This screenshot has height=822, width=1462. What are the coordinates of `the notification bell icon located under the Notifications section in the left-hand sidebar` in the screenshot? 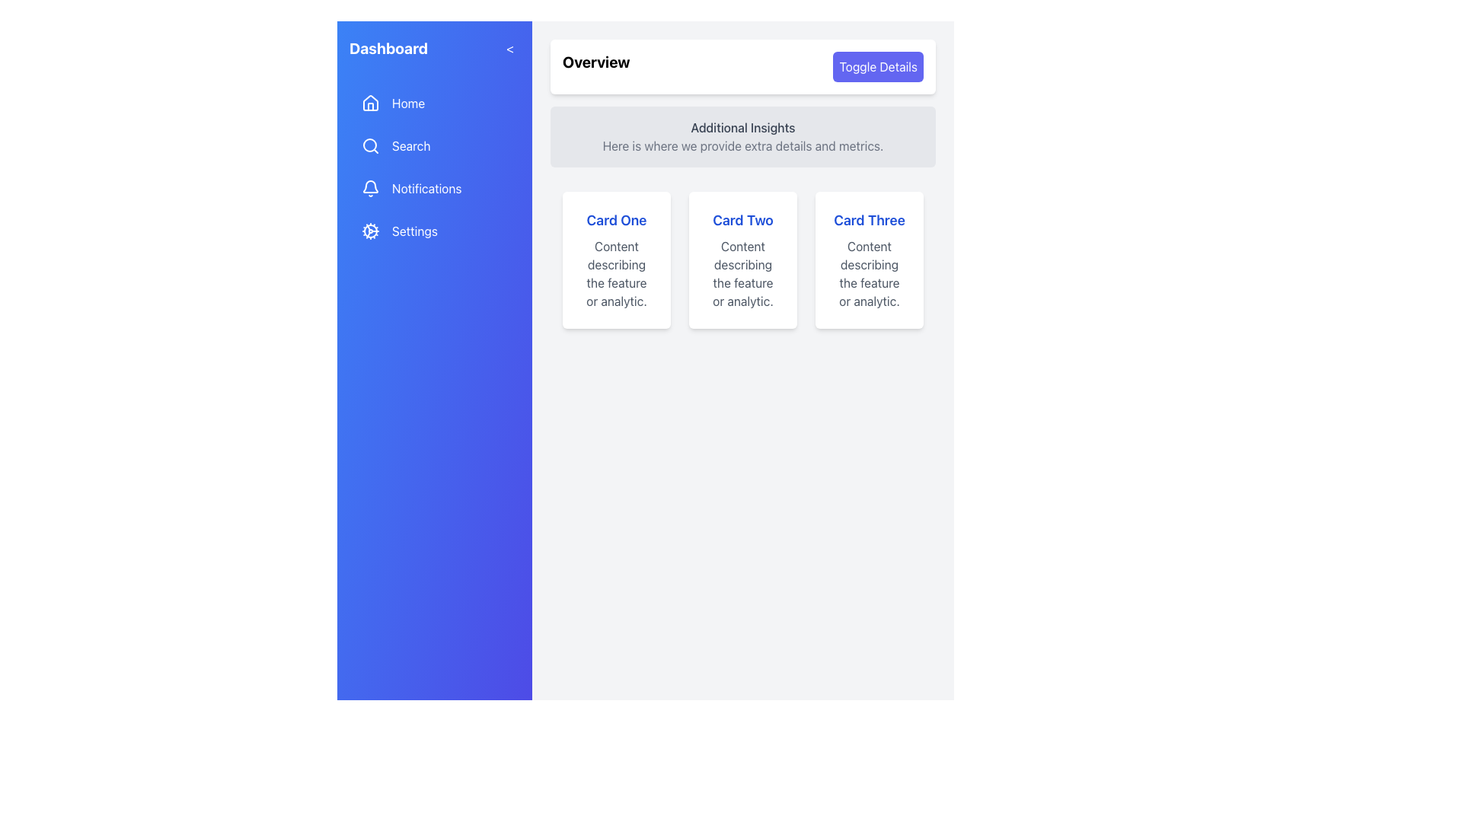 It's located at (370, 187).